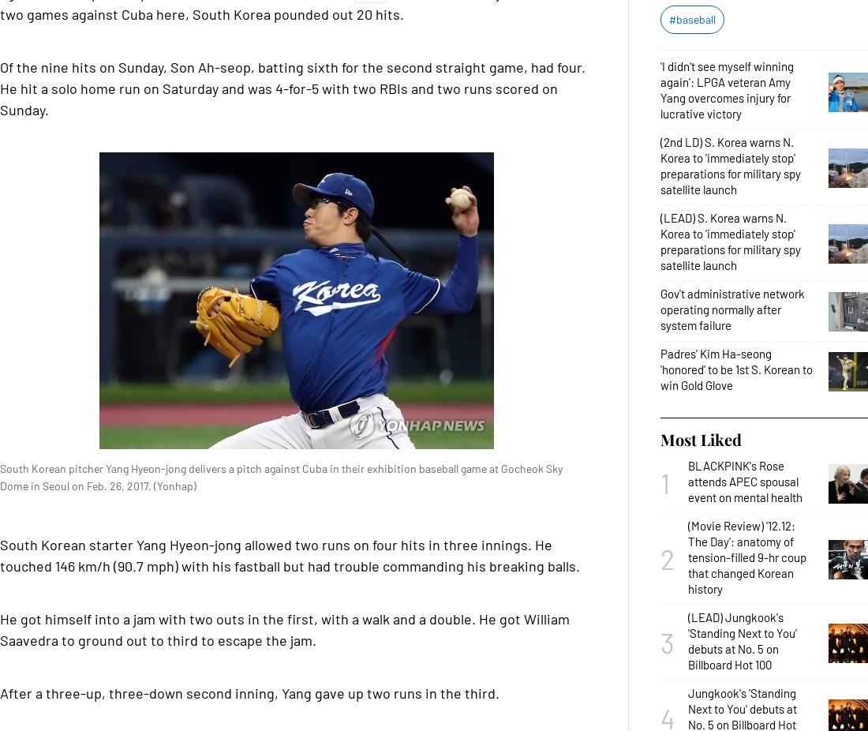 The image size is (868, 731). What do you see at coordinates (0, 88) in the screenshot?
I see `'Of the nine hits on Sunday, Son Ah-seop, batting sixth for the second straight game, had four. He hit a solo home run on Saturday and was 4-for-5 with two RBIs and two runs scored on Sunday.'` at bounding box center [0, 88].